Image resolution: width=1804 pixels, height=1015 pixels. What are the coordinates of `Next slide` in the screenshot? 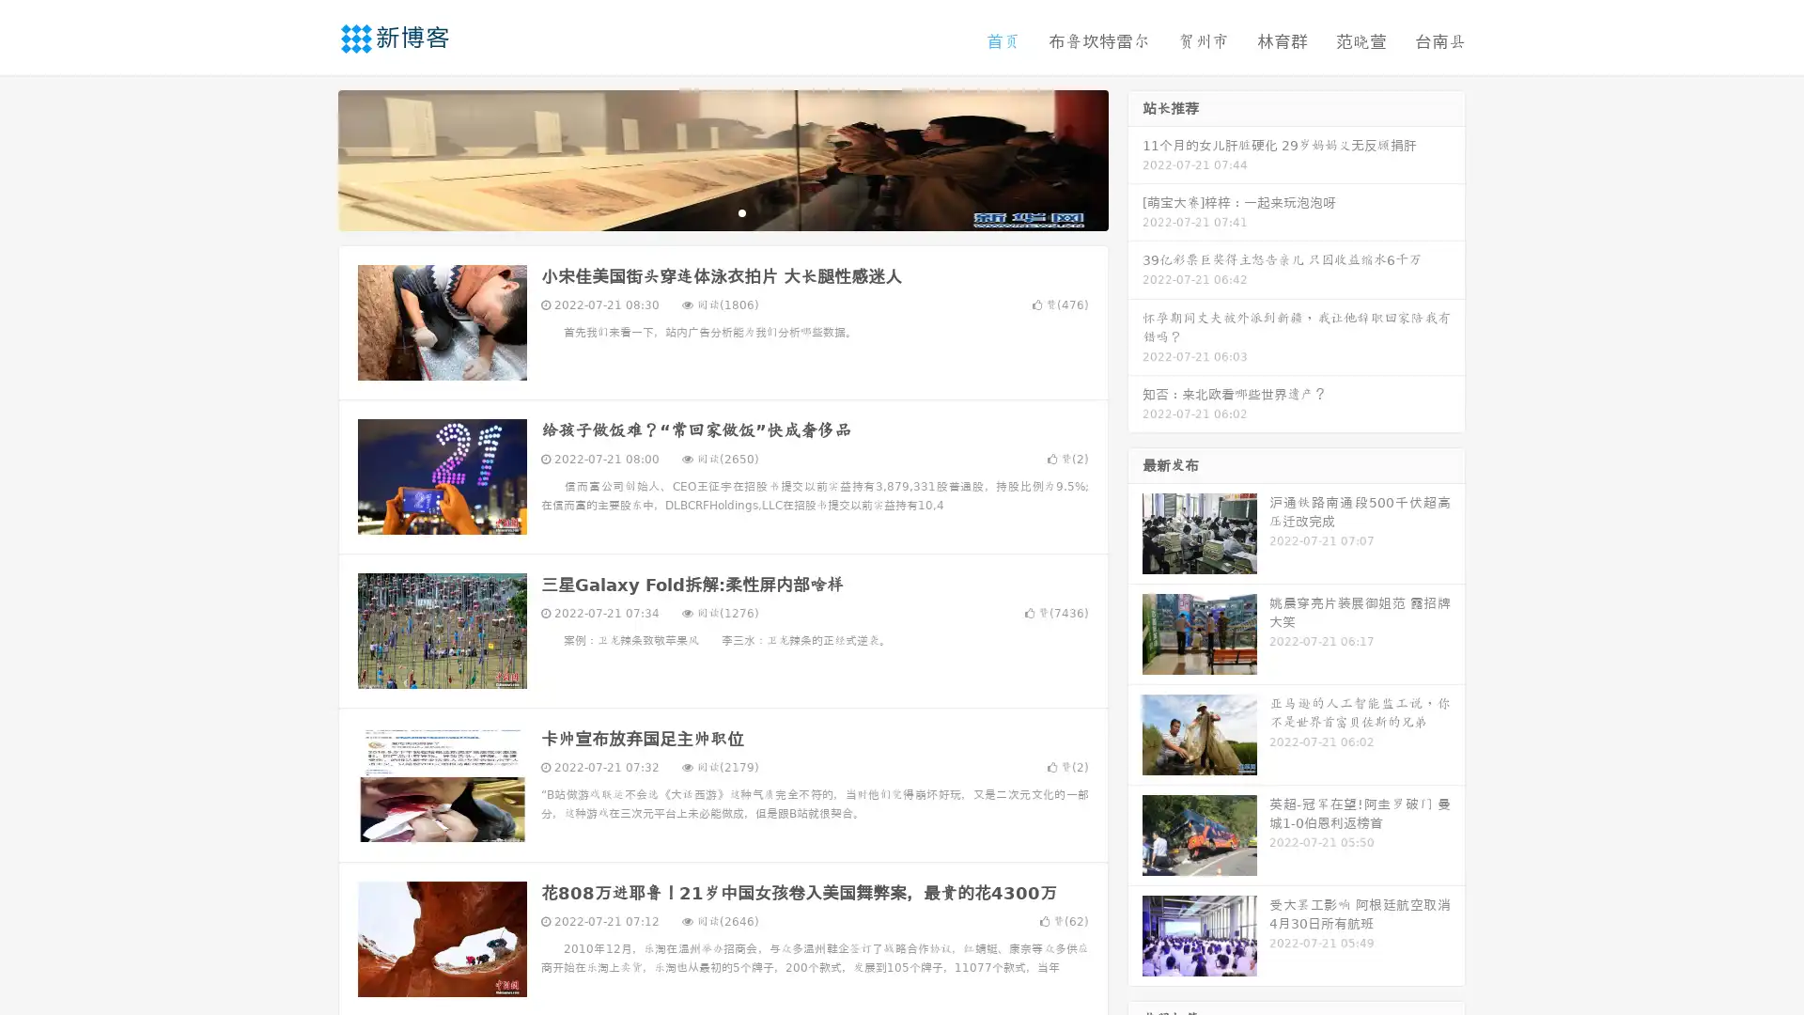 It's located at (1135, 158).